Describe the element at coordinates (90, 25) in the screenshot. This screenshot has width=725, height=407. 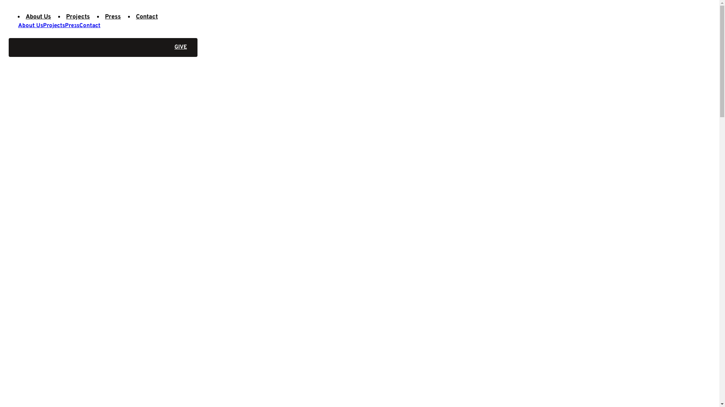
I see `'Contact'` at that location.